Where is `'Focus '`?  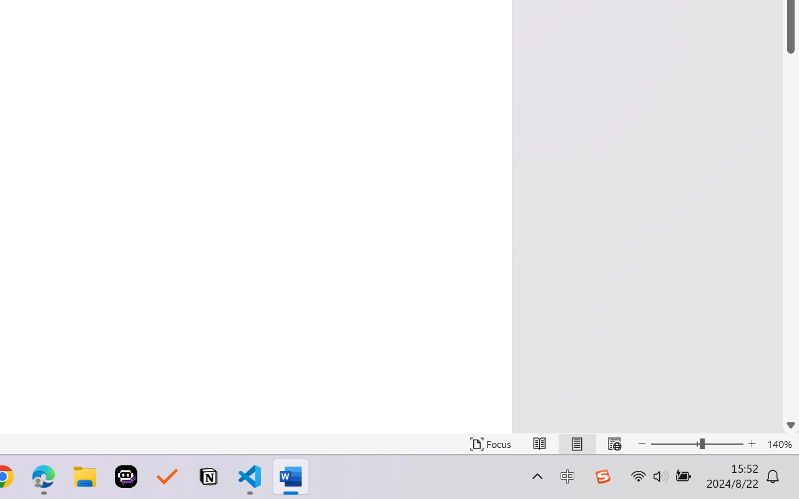
'Focus ' is located at coordinates (490, 443).